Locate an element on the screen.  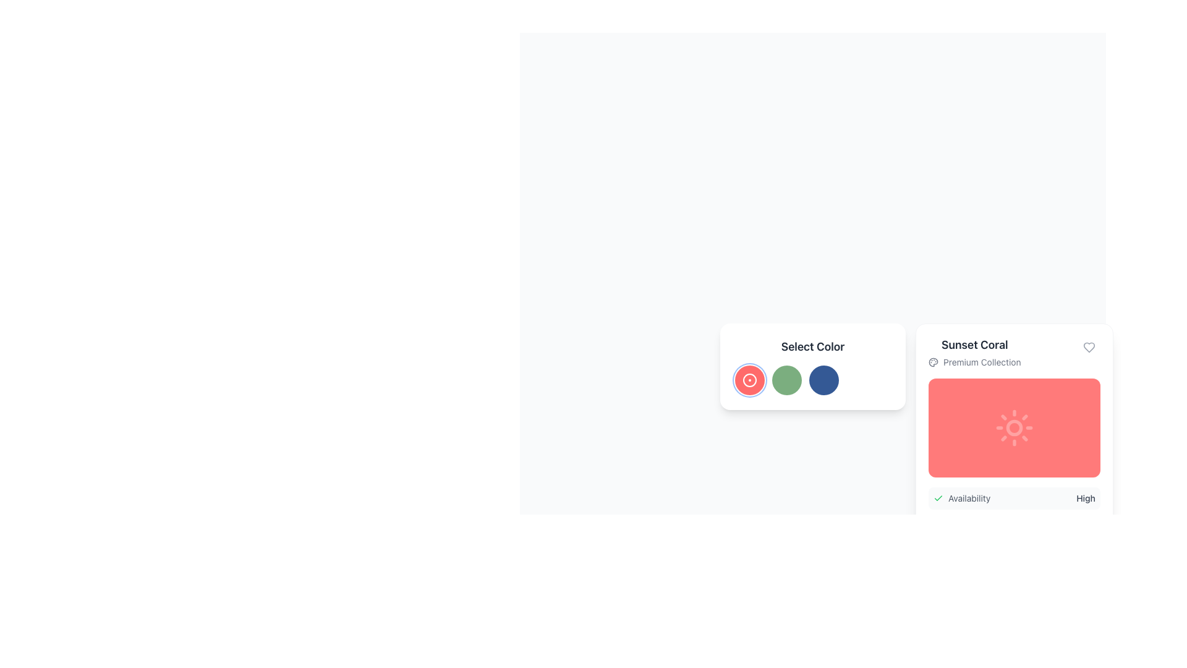
the text label displaying 'High' which is positioned at the bottom right of a card-like component to trigger potential tooltips is located at coordinates (1085, 498).